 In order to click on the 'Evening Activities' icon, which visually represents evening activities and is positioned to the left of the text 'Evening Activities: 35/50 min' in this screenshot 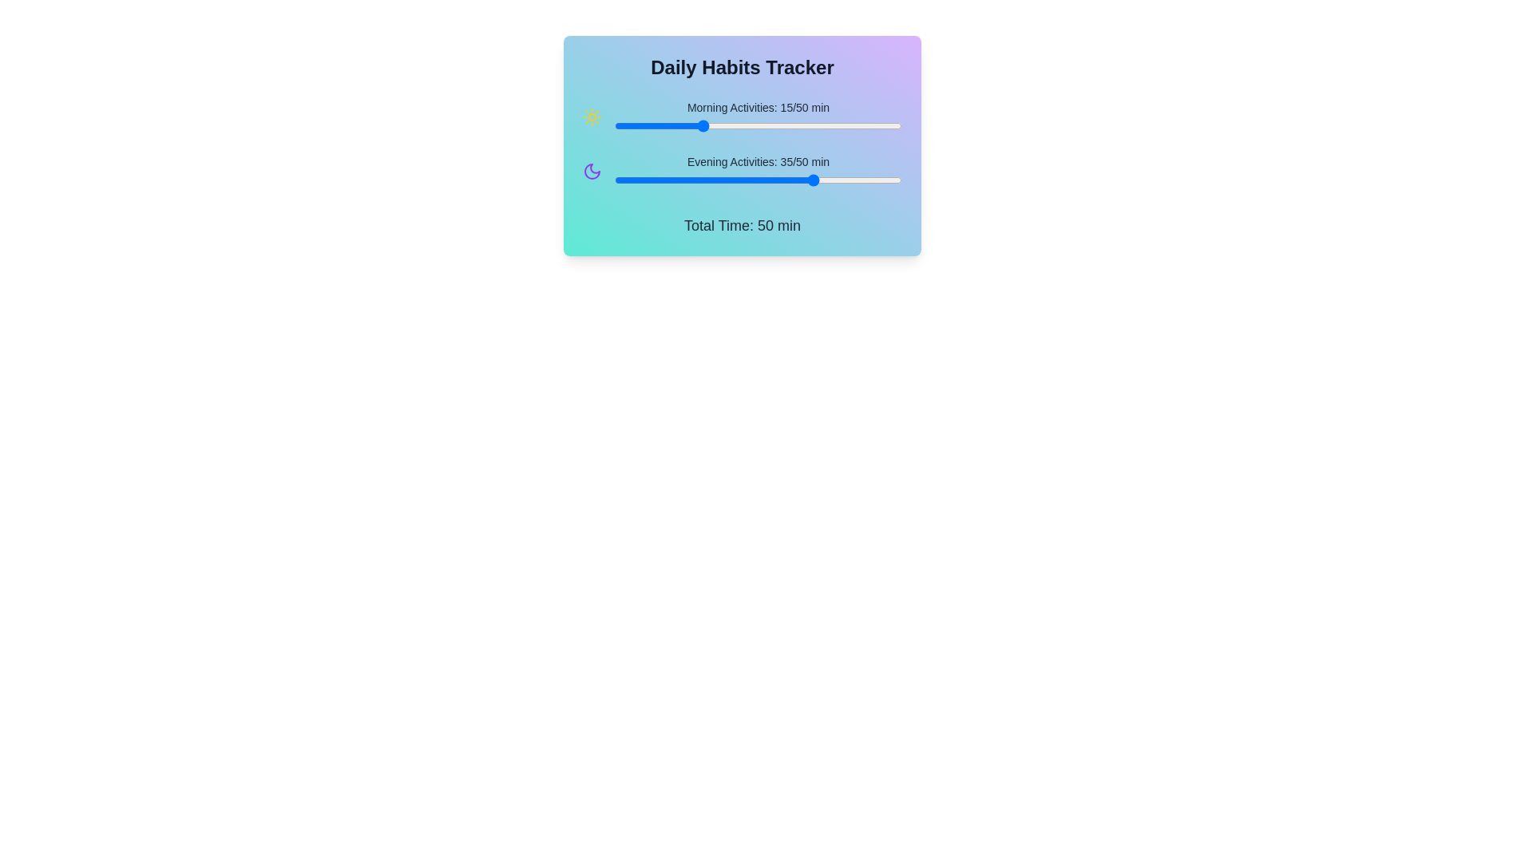, I will do `click(592, 172)`.